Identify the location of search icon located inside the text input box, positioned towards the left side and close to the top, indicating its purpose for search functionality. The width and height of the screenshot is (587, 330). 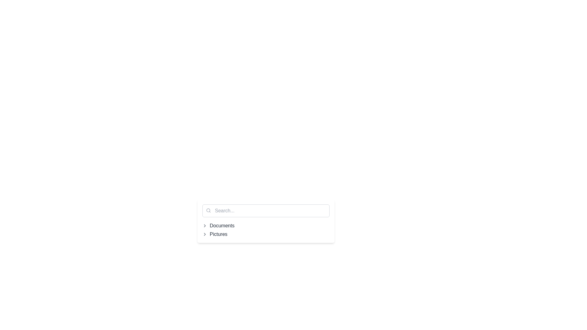
(208, 210).